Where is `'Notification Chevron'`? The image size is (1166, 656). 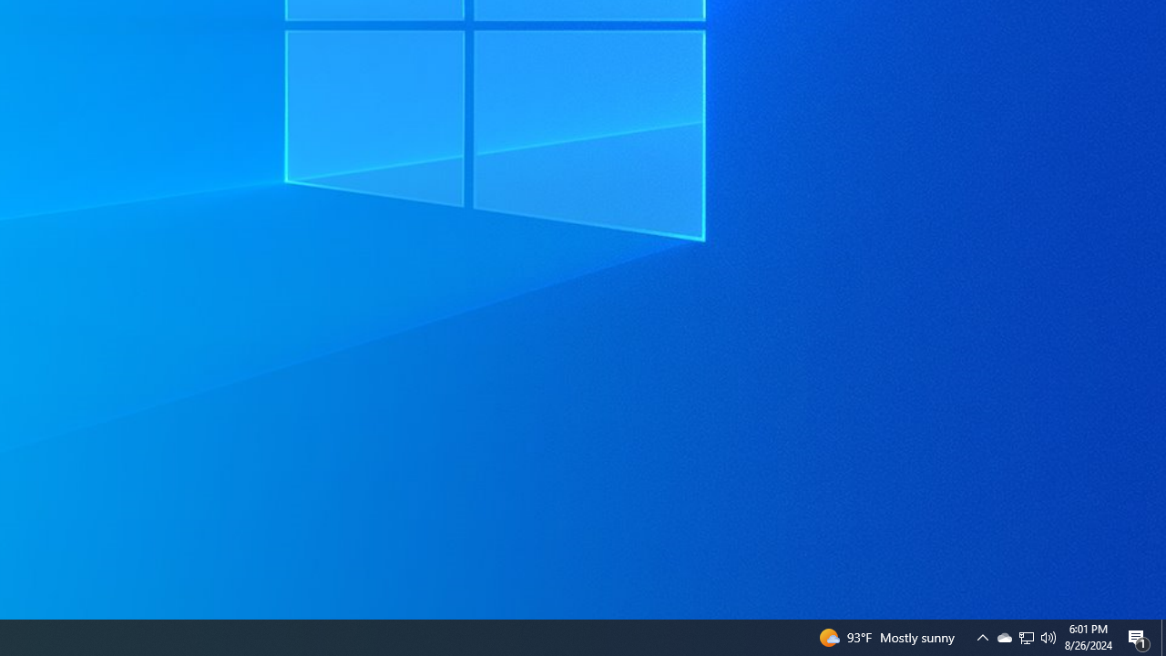 'Notification Chevron' is located at coordinates (982, 636).